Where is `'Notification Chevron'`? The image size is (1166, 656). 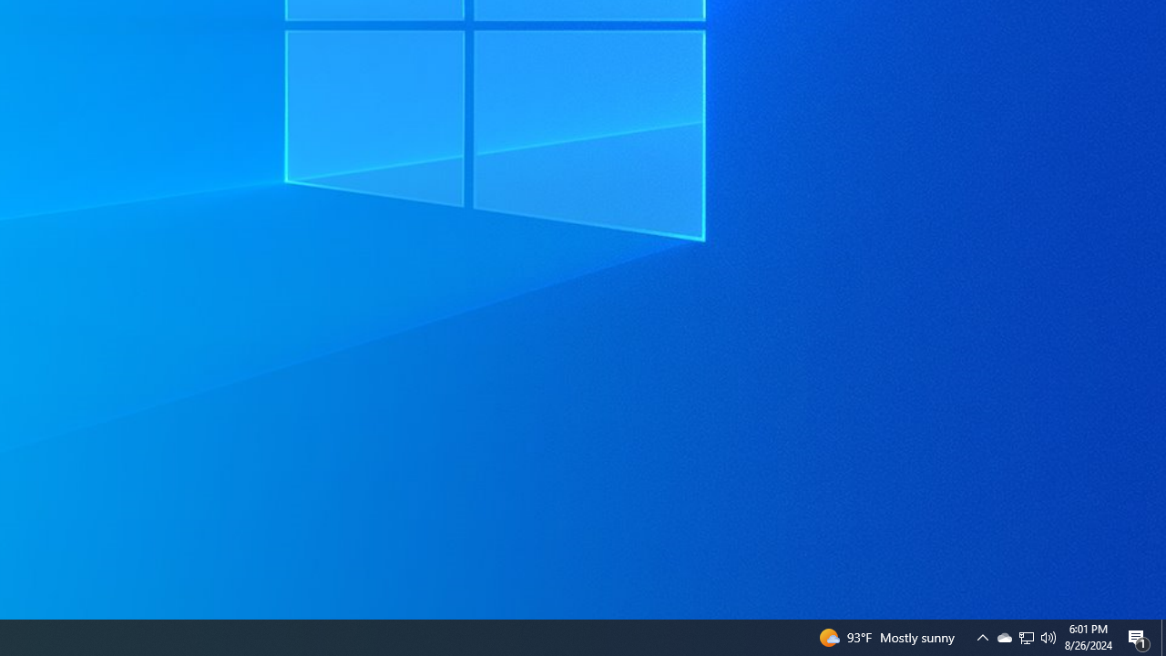 'Notification Chevron' is located at coordinates (982, 636).